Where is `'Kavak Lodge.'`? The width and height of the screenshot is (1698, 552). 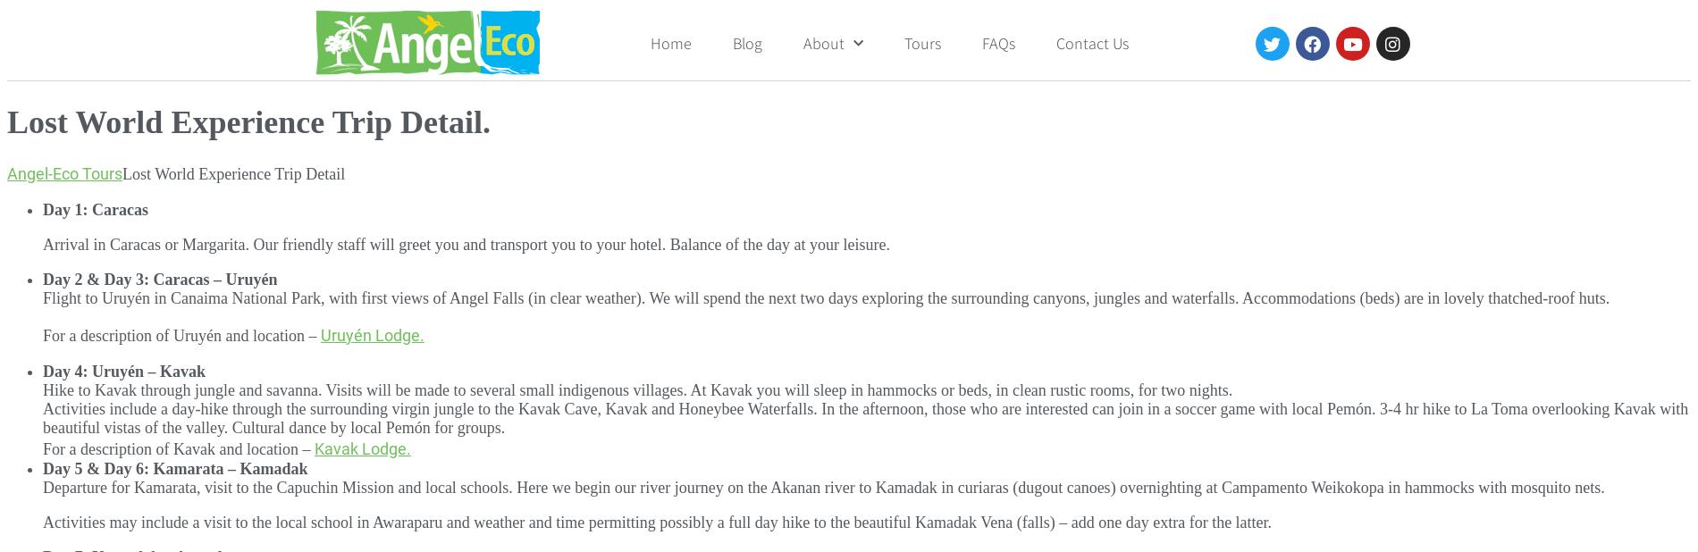 'Kavak Lodge.' is located at coordinates (361, 447).